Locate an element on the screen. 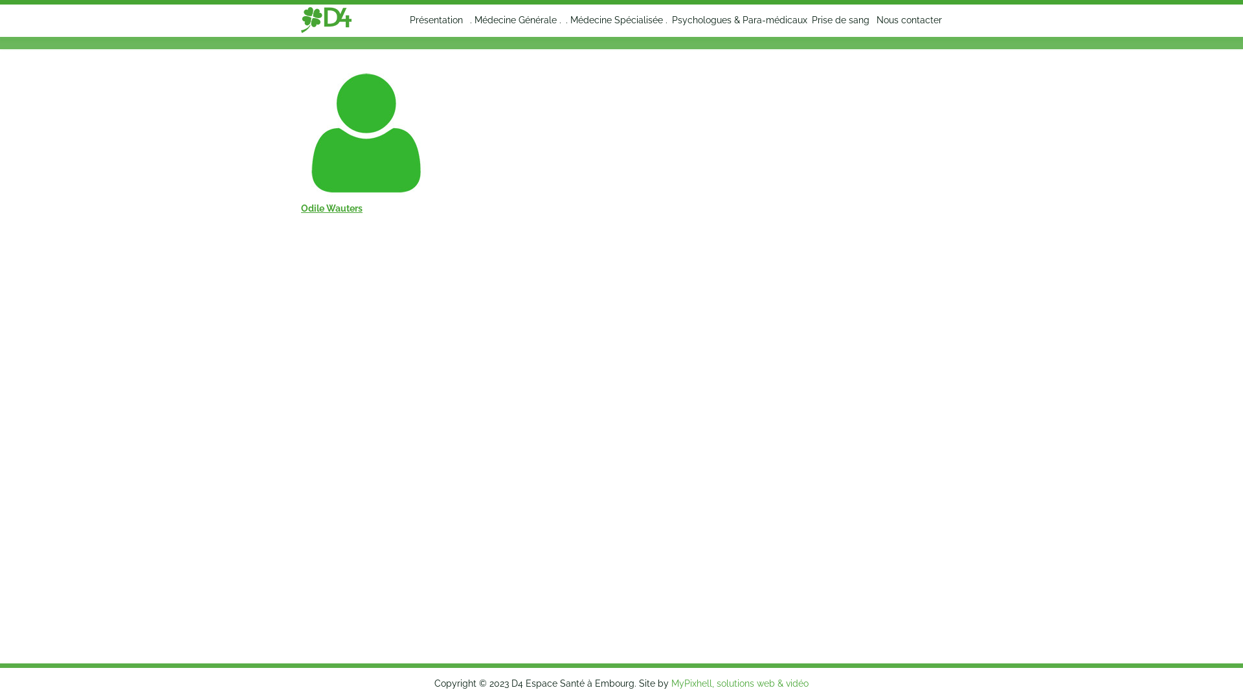  'Nous contacter' is located at coordinates (872, 20).